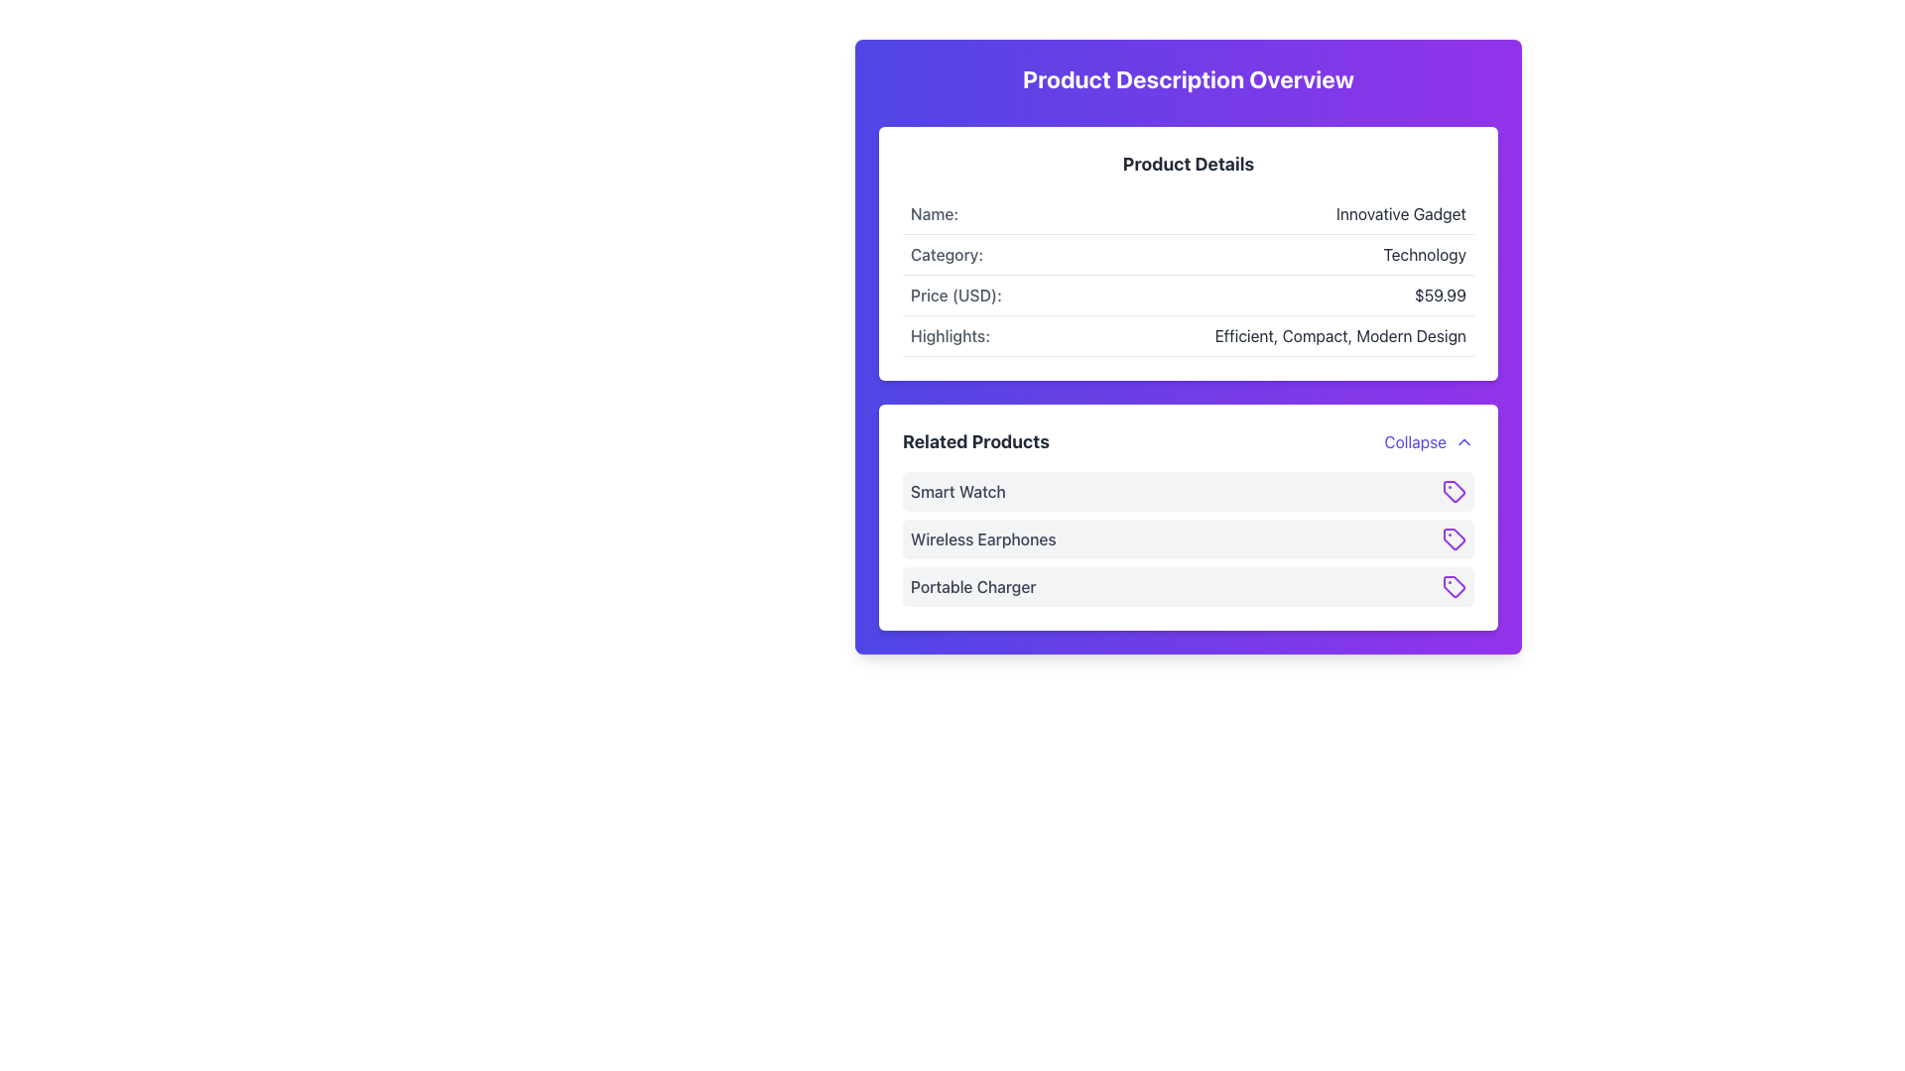 The height and width of the screenshot is (1071, 1905). I want to click on the text label reading 'Innovative Gadget' which is displayed in a medium-weight font style and dark text color, located near the right end of the 'Product Details' section next to 'Name:', so click(1400, 214).